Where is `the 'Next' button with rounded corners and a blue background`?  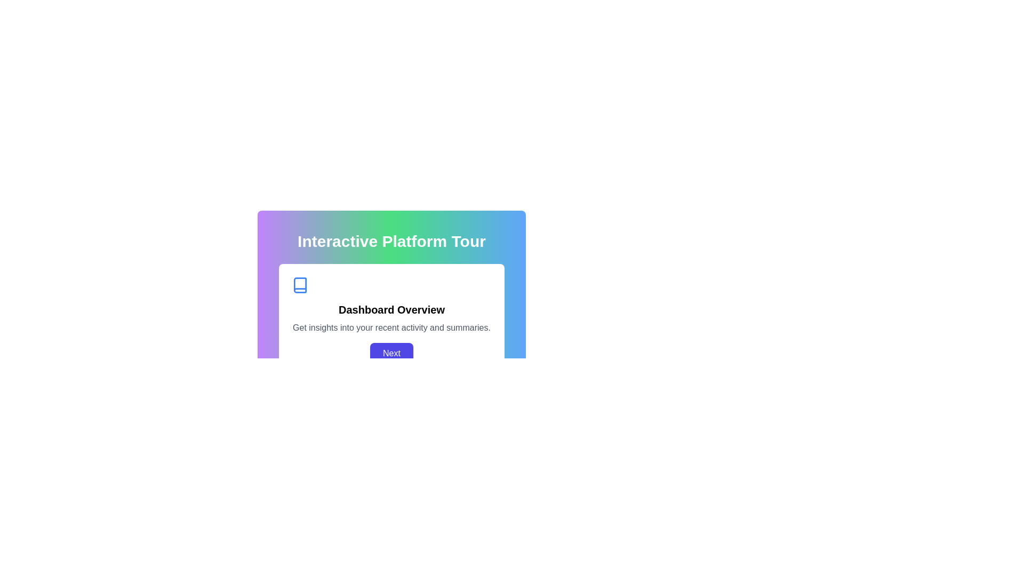 the 'Next' button with rounded corners and a blue background is located at coordinates (391, 354).